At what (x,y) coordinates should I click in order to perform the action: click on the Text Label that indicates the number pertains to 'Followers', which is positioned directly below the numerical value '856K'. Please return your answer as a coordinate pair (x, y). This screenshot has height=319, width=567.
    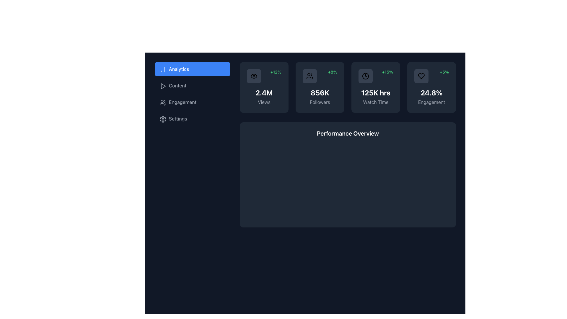
    Looking at the image, I should click on (320, 102).